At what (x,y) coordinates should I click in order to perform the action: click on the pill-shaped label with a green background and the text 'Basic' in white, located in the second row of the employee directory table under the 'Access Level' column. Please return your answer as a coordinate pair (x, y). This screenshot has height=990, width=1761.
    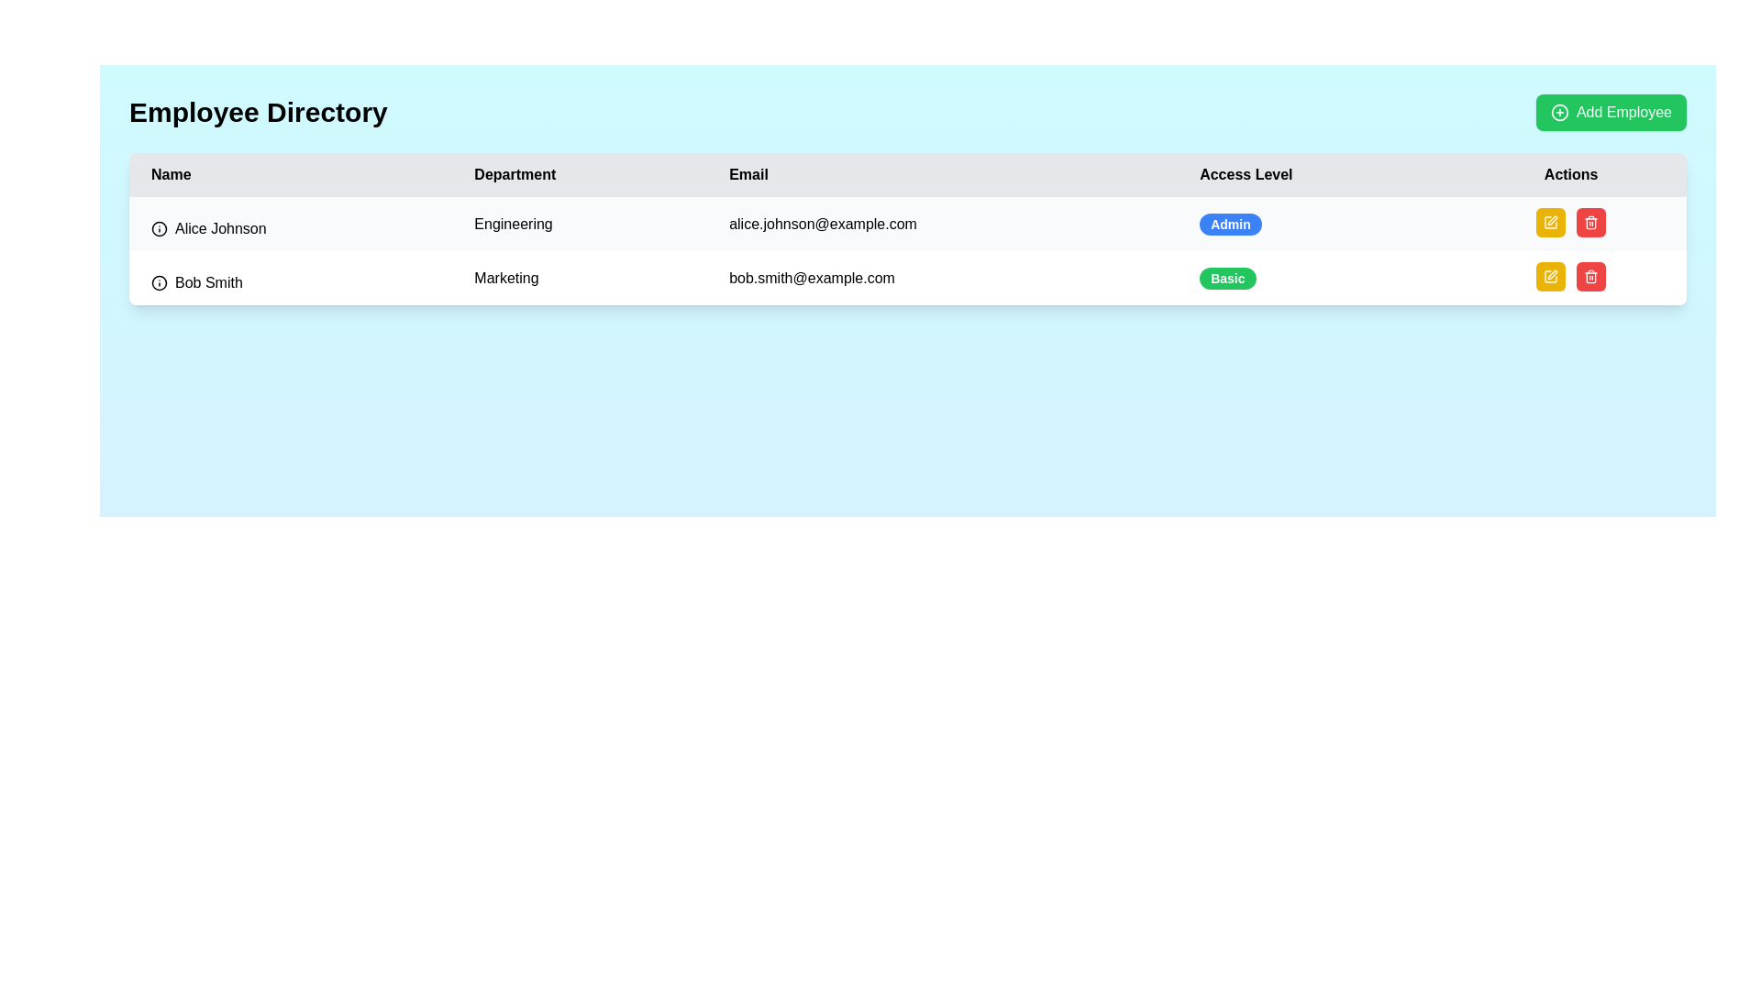
    Looking at the image, I should click on (1227, 278).